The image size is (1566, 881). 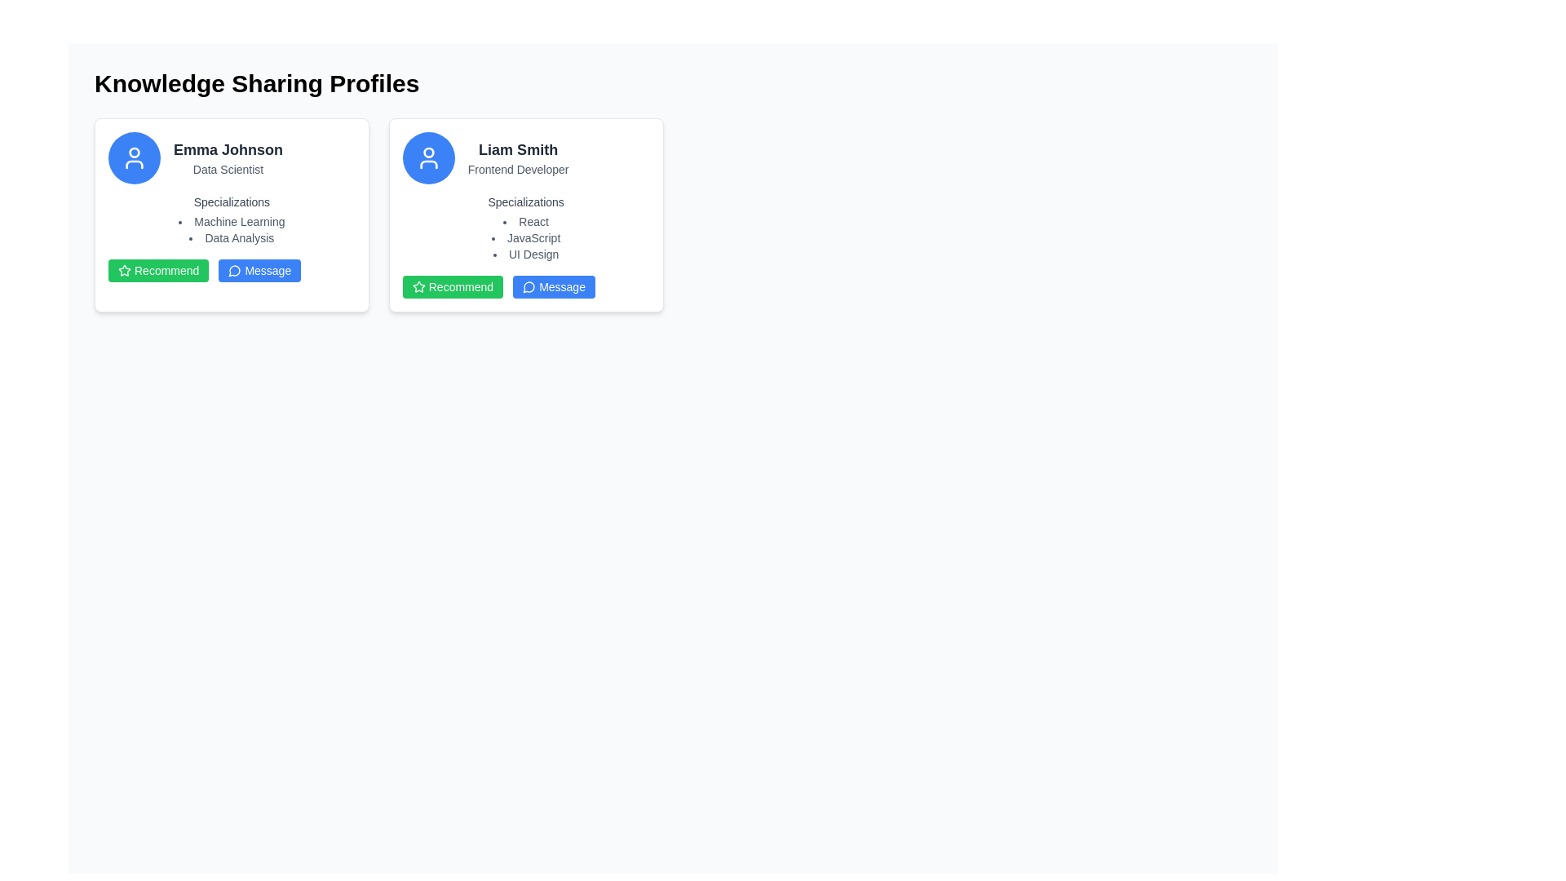 What do you see at coordinates (526, 222) in the screenshot?
I see `the first bullet point in the 'Specializations' section of Liam Smith's profile card` at bounding box center [526, 222].